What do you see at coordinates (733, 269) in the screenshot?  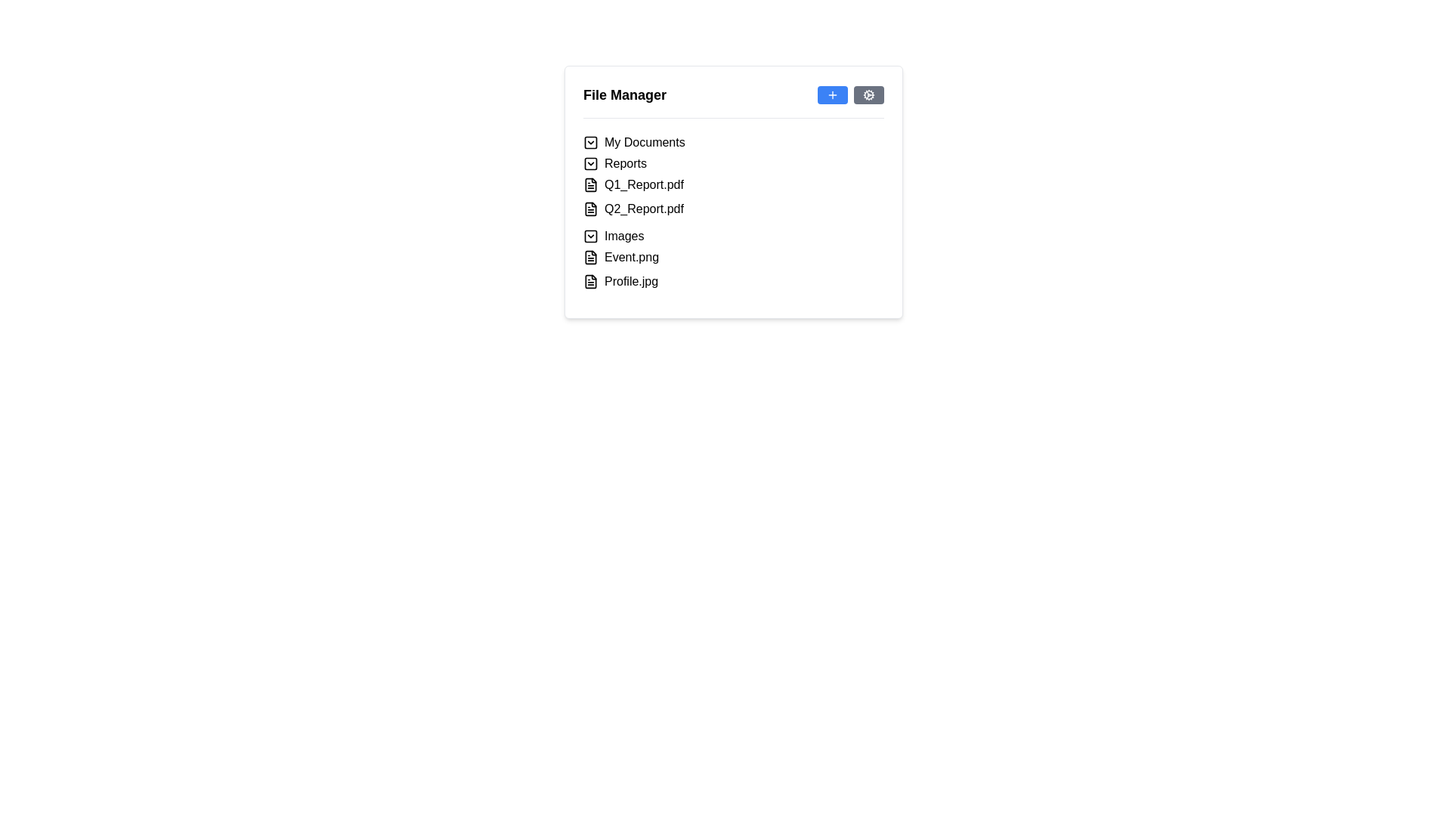 I see `the file 'Event.png' from the File listing element located under the 'Images' section, which displays 'Event.png' above 'Profile.jpg'` at bounding box center [733, 269].